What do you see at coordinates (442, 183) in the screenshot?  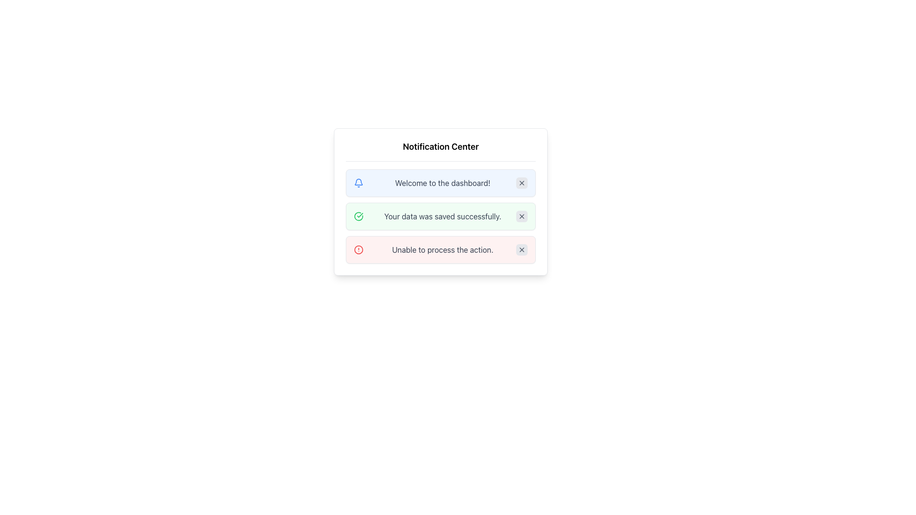 I see `the greeting Text Label located in the upper section of the notification component, which is centrally positioned between an icon on the left and a close button on the right` at bounding box center [442, 183].